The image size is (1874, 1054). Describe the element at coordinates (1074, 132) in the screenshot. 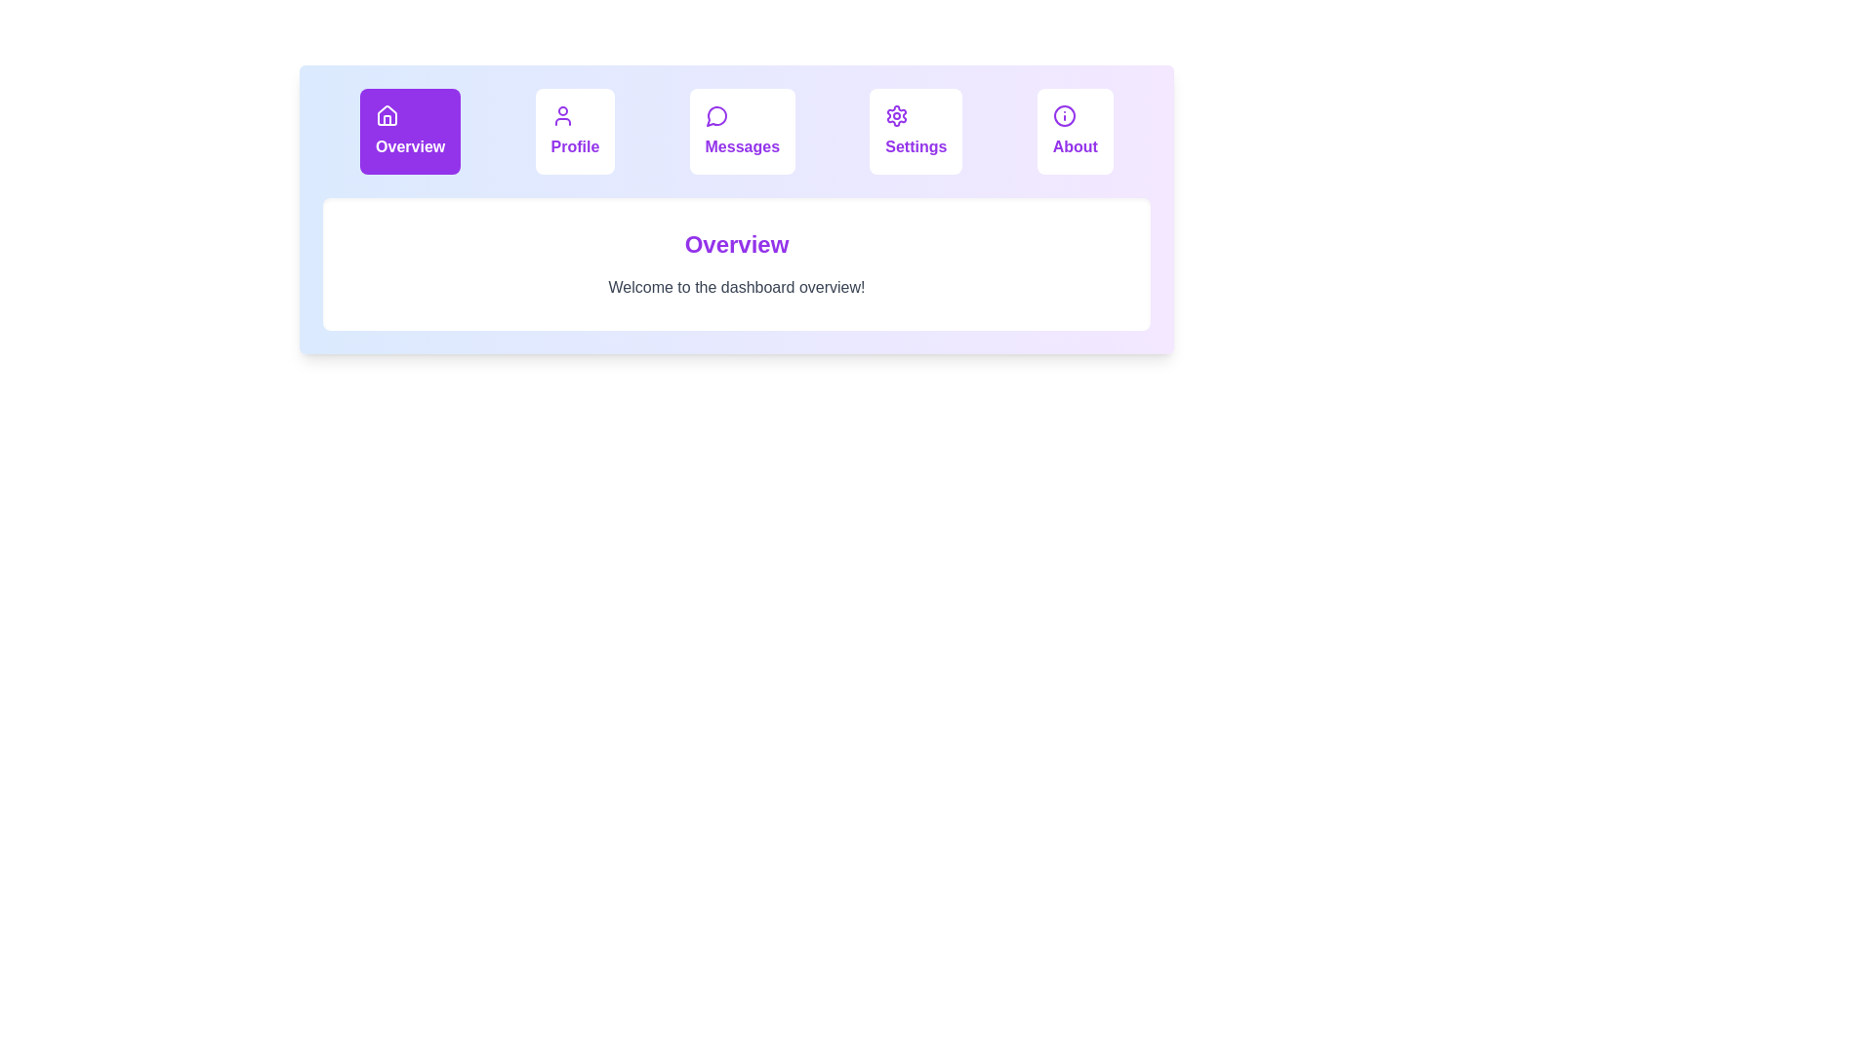

I see `the tab labeled About to switch to it` at that location.